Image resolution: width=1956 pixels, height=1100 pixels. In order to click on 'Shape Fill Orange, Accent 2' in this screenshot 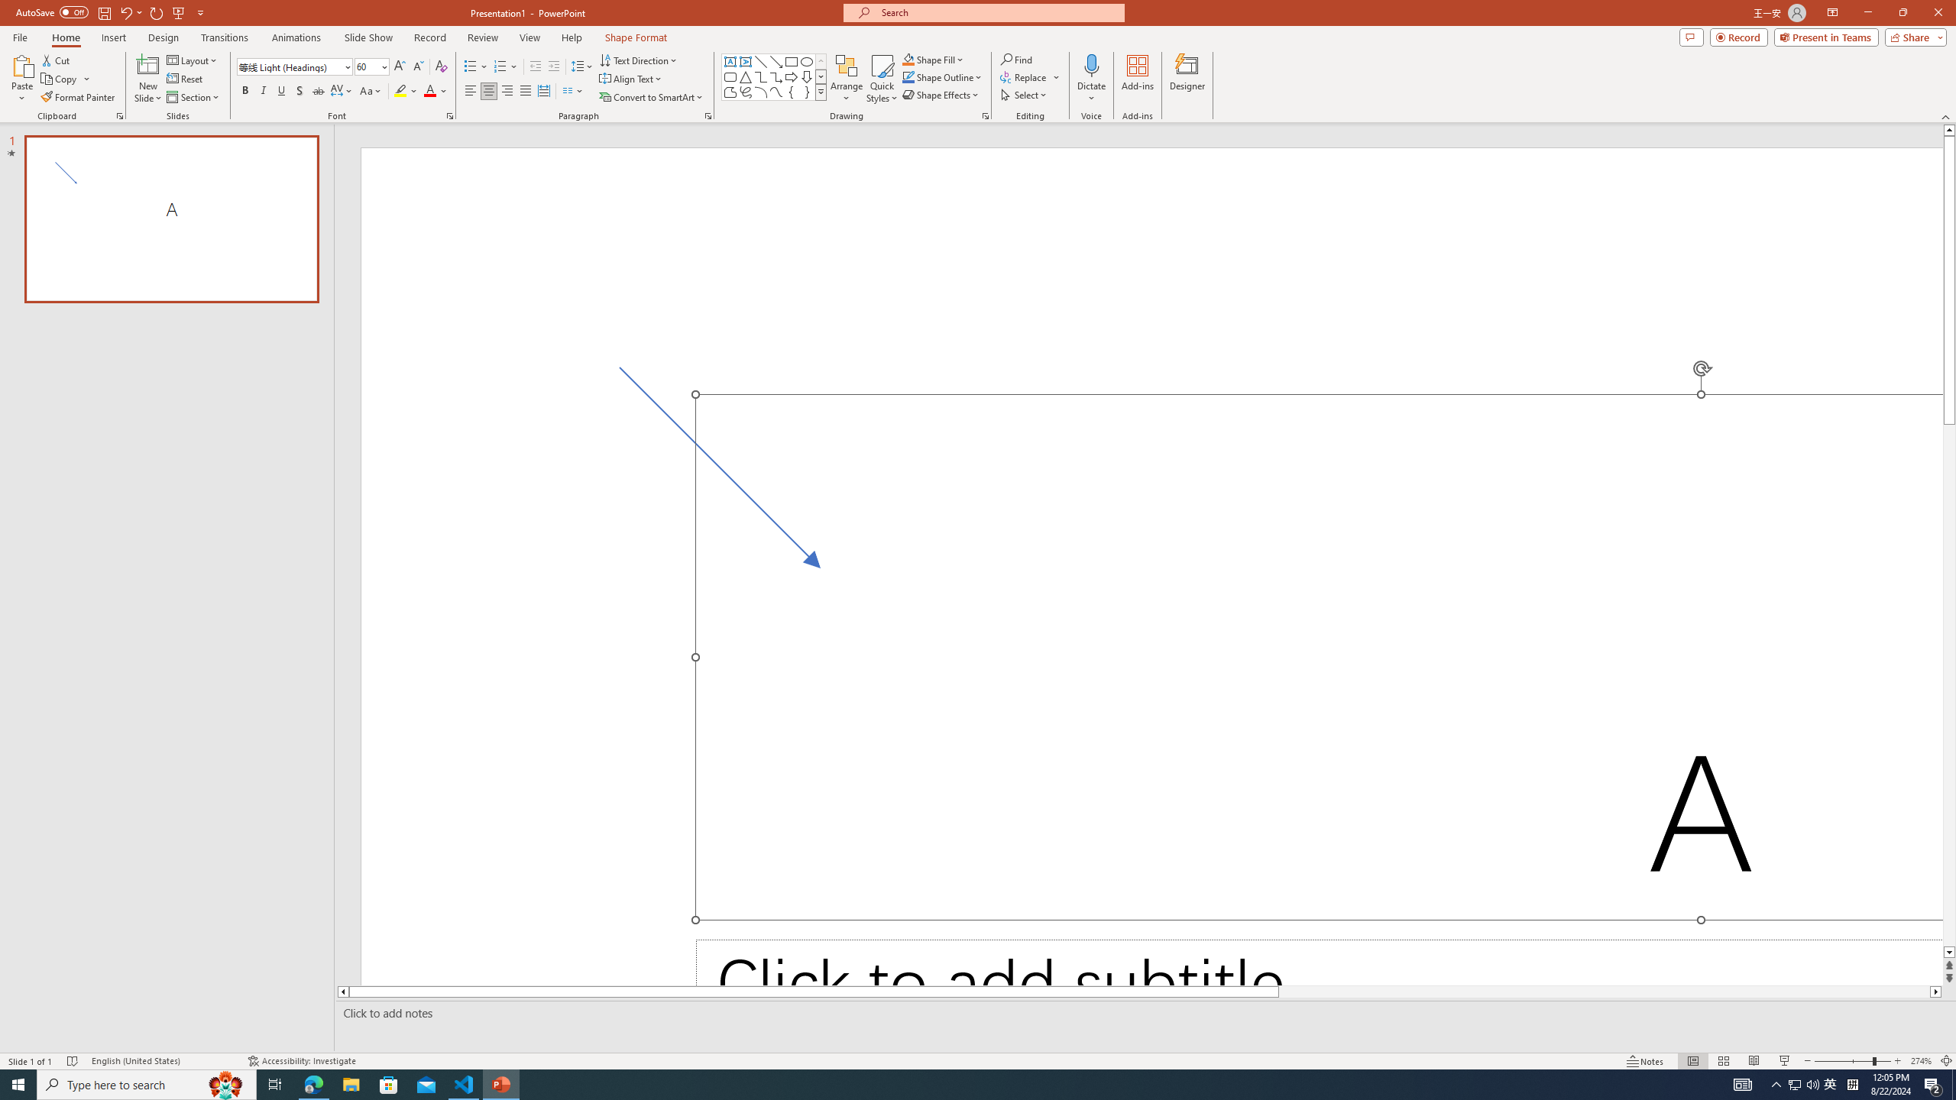, I will do `click(908, 59)`.